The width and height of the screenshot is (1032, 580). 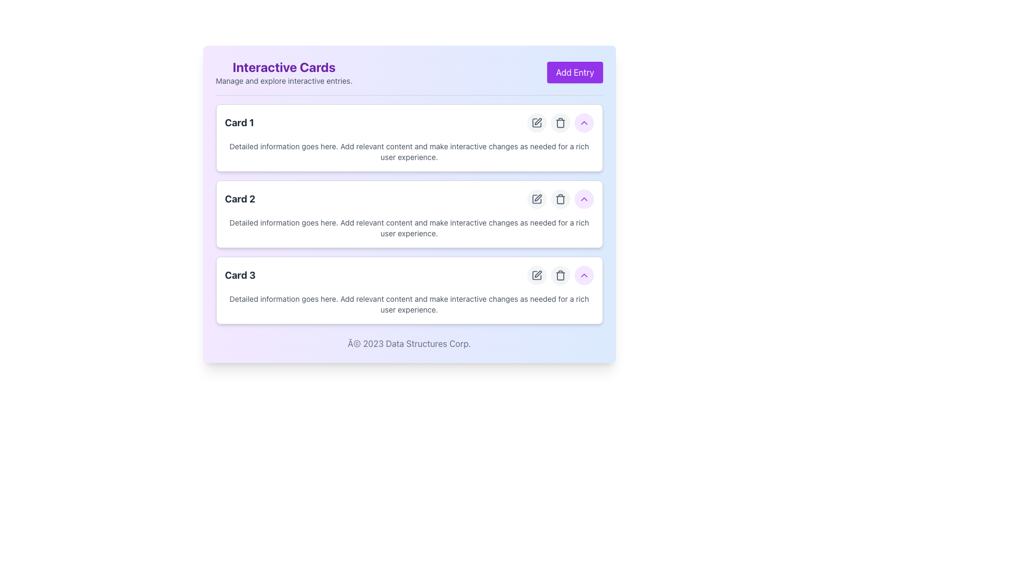 What do you see at coordinates (284, 73) in the screenshot?
I see `information displayed in the Text Block titled 'Interactive Cards' which contains a description saying 'Manage and explore interactive entries.'` at bounding box center [284, 73].